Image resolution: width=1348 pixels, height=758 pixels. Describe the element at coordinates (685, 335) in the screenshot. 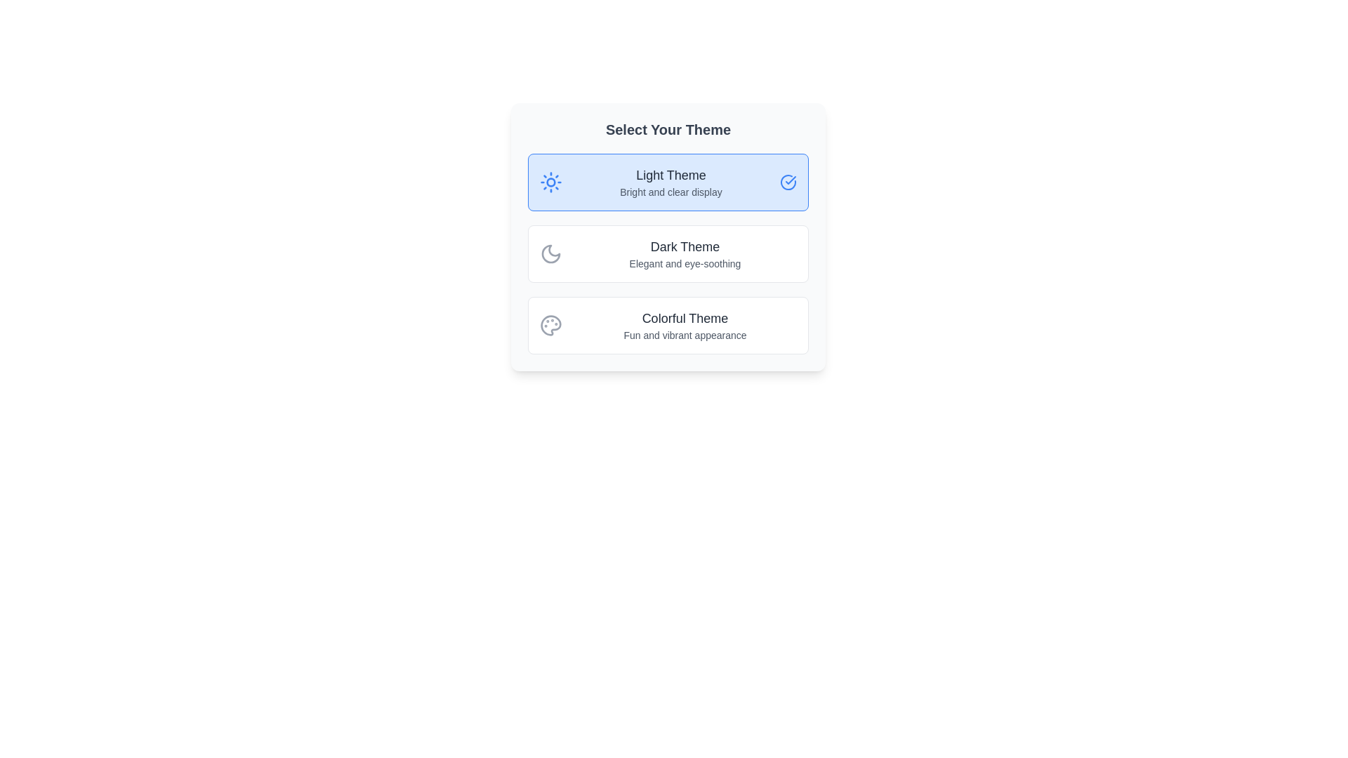

I see `the descriptive text label that provides additional information about the 'Colorful Theme', located in the bottom section of the card` at that location.